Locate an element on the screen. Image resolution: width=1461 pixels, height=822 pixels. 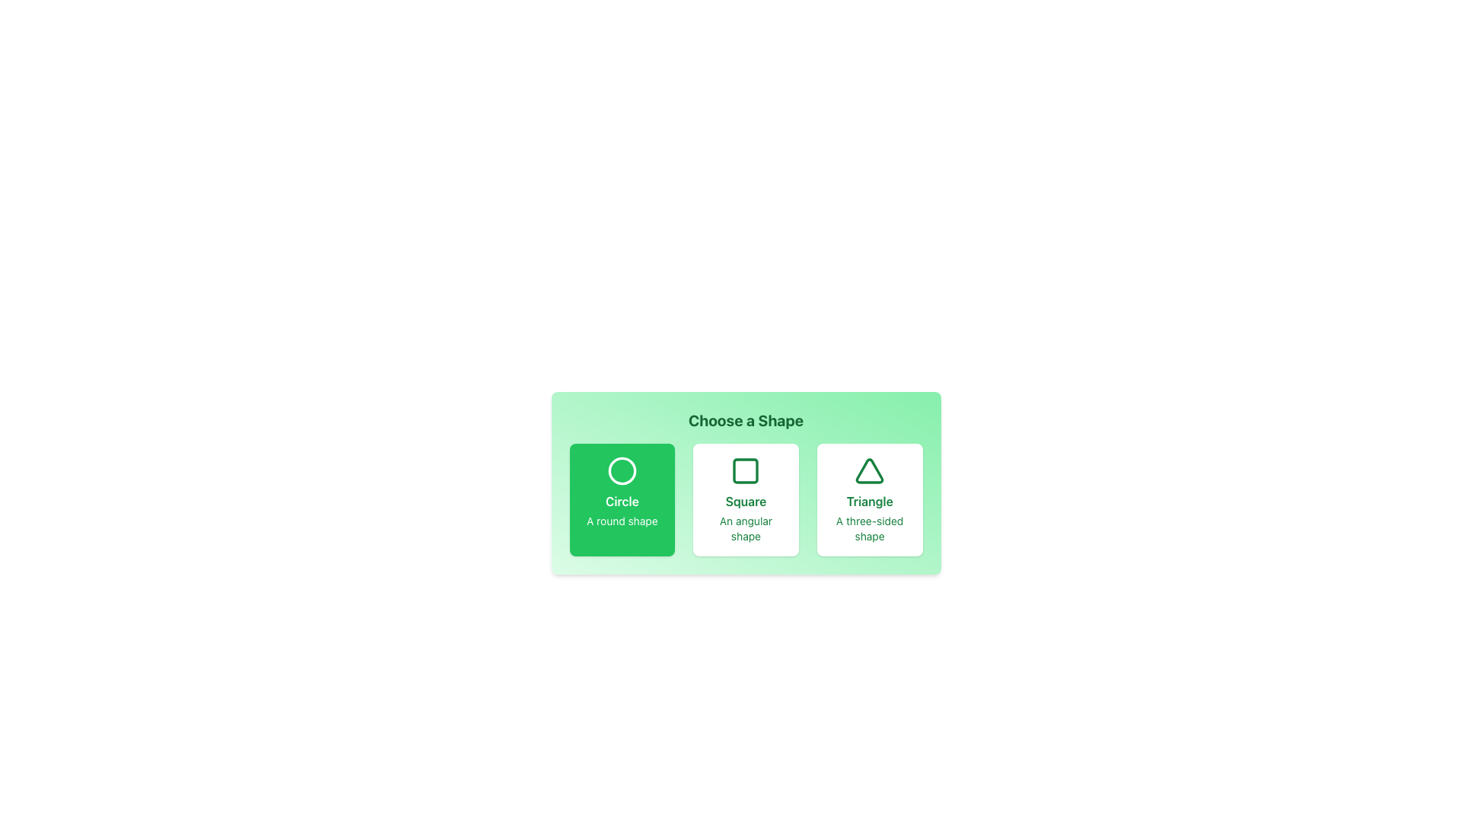
text label displaying 'An angular shape' located below the 'Square' label within the shape selection card for the 'Square' option is located at coordinates (746, 527).